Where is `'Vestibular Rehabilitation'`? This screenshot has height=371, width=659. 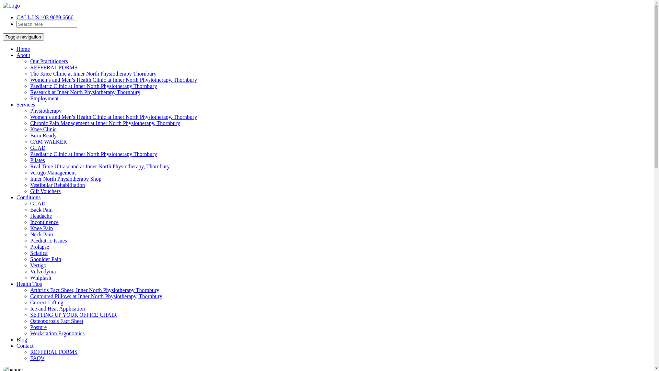
'Vestibular Rehabilitation' is located at coordinates (58, 184).